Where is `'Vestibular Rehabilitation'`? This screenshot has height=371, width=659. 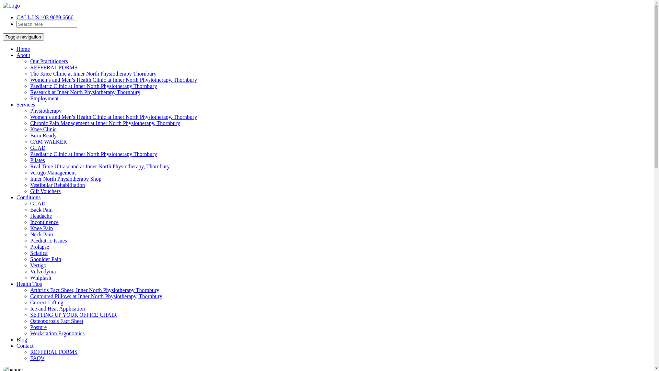
'Vestibular Rehabilitation' is located at coordinates (58, 184).